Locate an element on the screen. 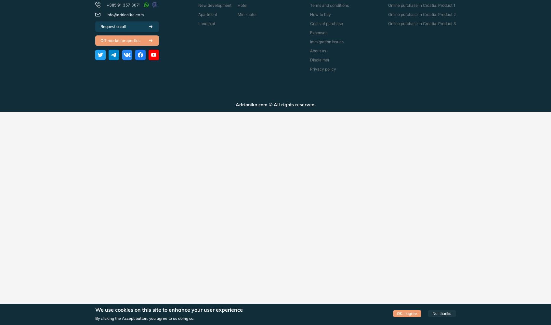  'By clicking the Accept button, you agree to us doing so.' is located at coordinates (144, 318).